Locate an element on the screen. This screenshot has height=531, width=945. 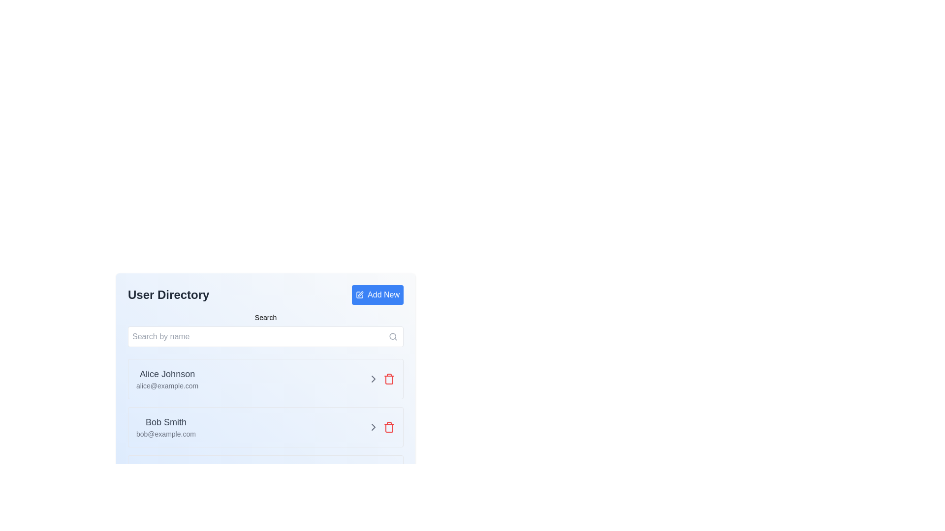
the 'Add New' button with a blue background and white text located at the top-right corner of the 'User Directory' section to observe the hover effect is located at coordinates (377, 295).